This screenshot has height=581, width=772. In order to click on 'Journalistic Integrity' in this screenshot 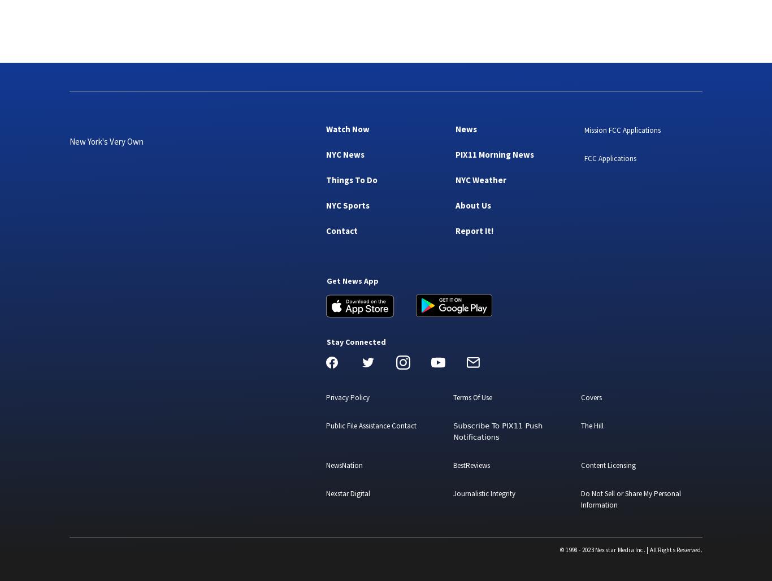, I will do `click(484, 493)`.